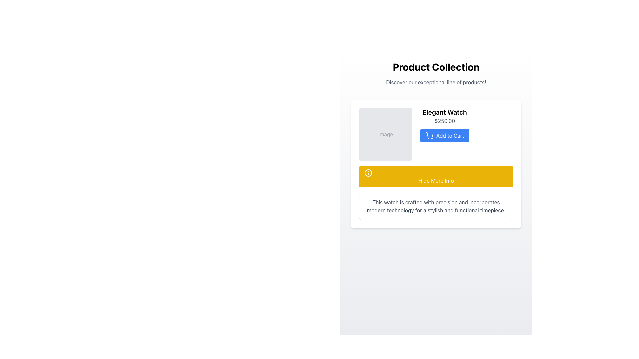 The height and width of the screenshot is (359, 639). I want to click on the descriptive text element encouraging users to explore the products offered, positioned centrally below the 'Product Collection' heading, so click(436, 82).